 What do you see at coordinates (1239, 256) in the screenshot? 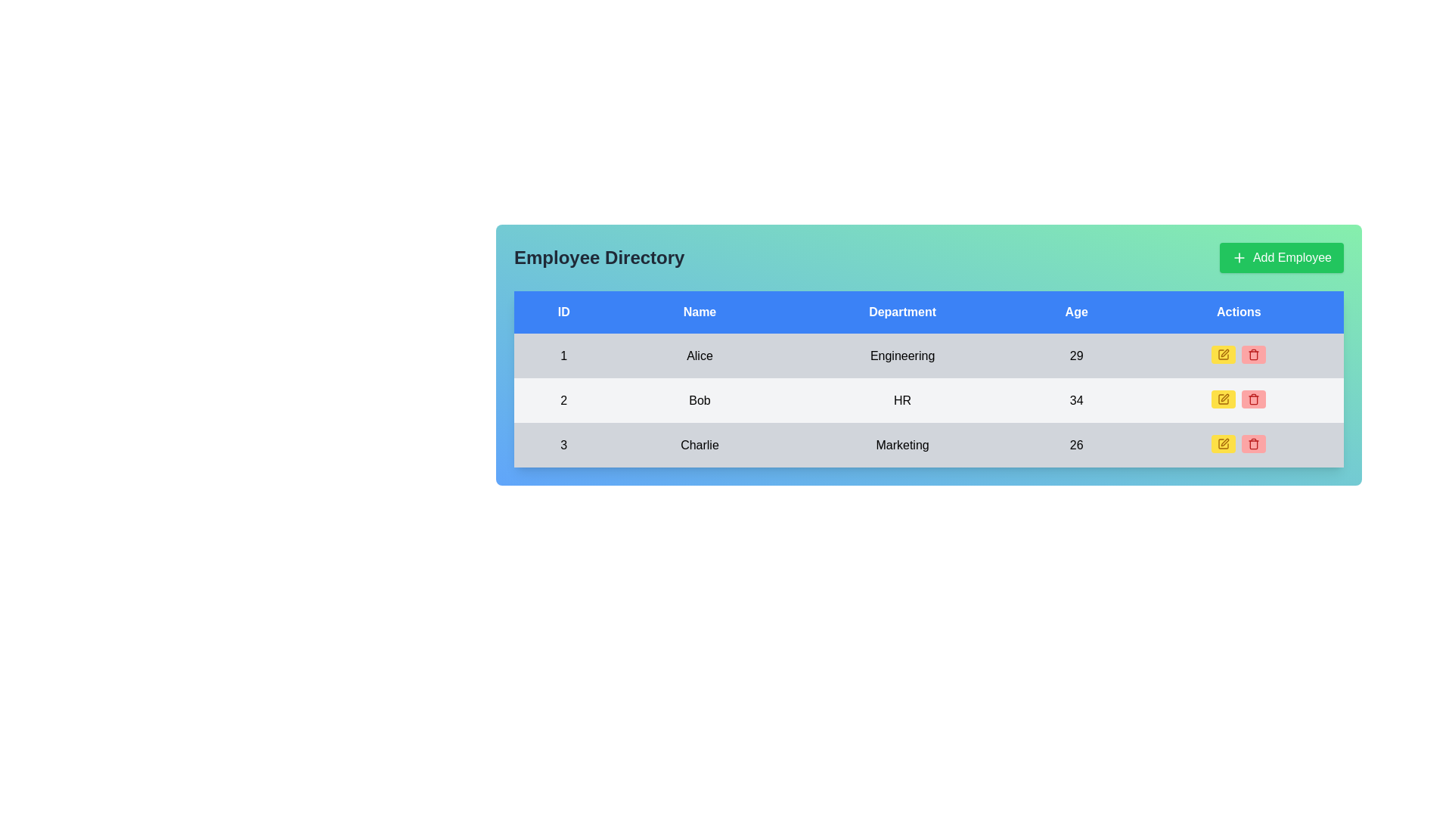
I see `the icon located to the far left within the 'Add Employee' button in the top-right corner of the interface to initiate an action` at bounding box center [1239, 256].